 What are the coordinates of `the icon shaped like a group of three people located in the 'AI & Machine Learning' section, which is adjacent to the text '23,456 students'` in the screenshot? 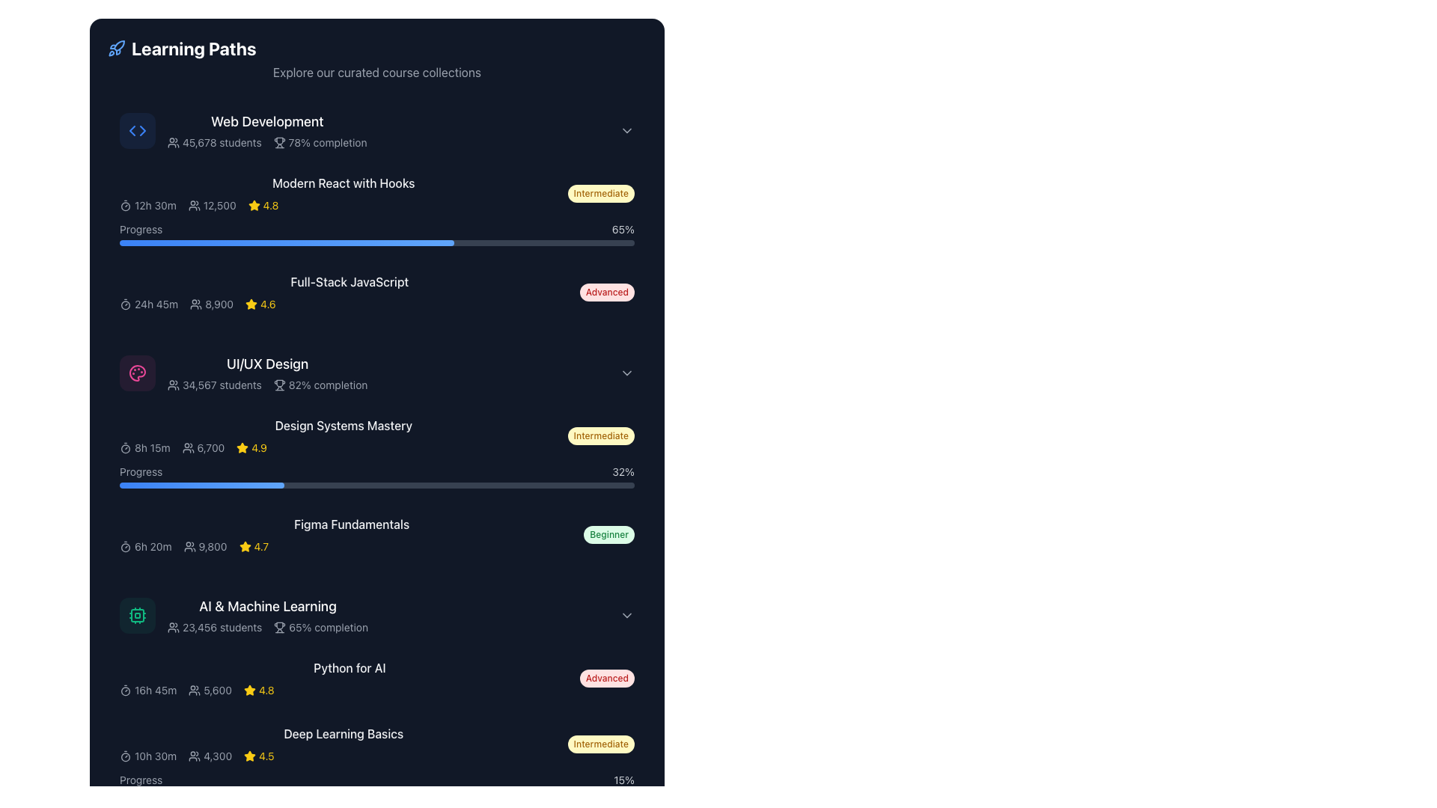 It's located at (173, 628).